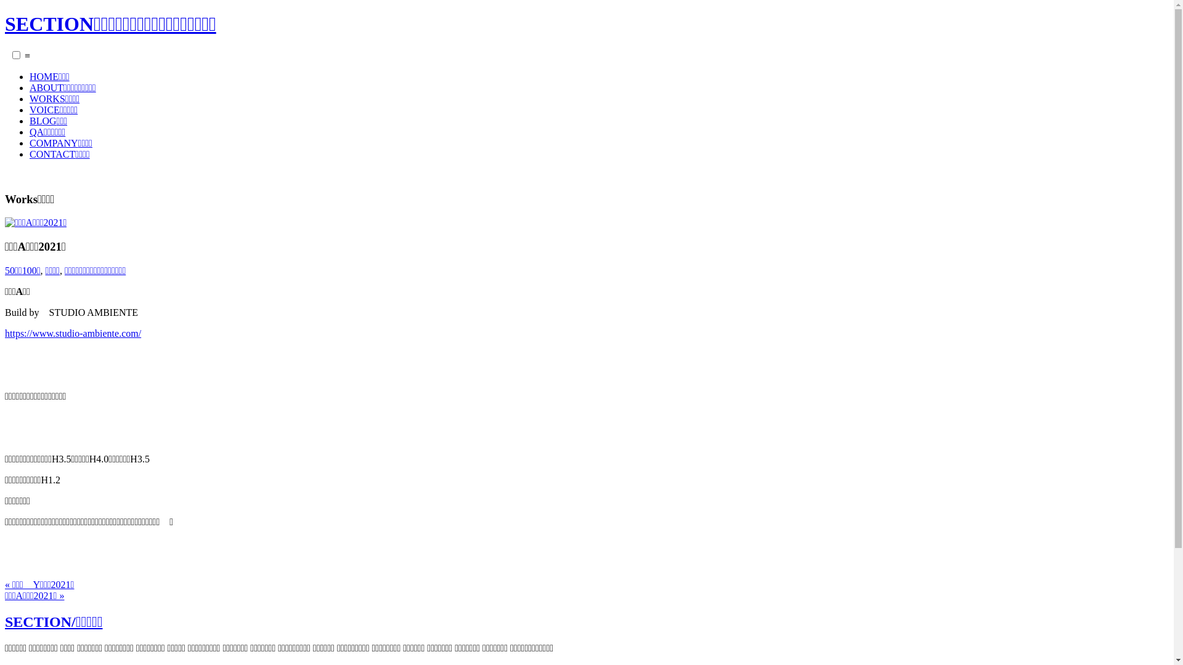 This screenshot has width=1183, height=665. Describe the element at coordinates (72, 333) in the screenshot. I see `'https://www.studio-ambiente.com/'` at that location.